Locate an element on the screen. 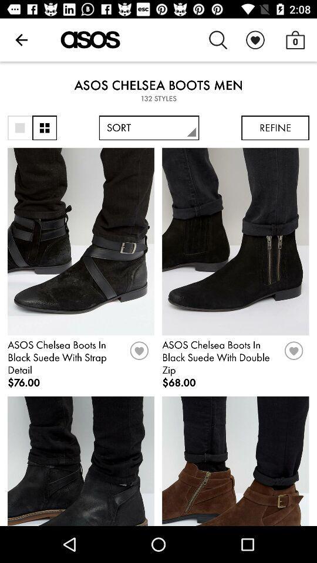 This screenshot has width=317, height=563. the icon to the left of the refine item is located at coordinates (149, 128).